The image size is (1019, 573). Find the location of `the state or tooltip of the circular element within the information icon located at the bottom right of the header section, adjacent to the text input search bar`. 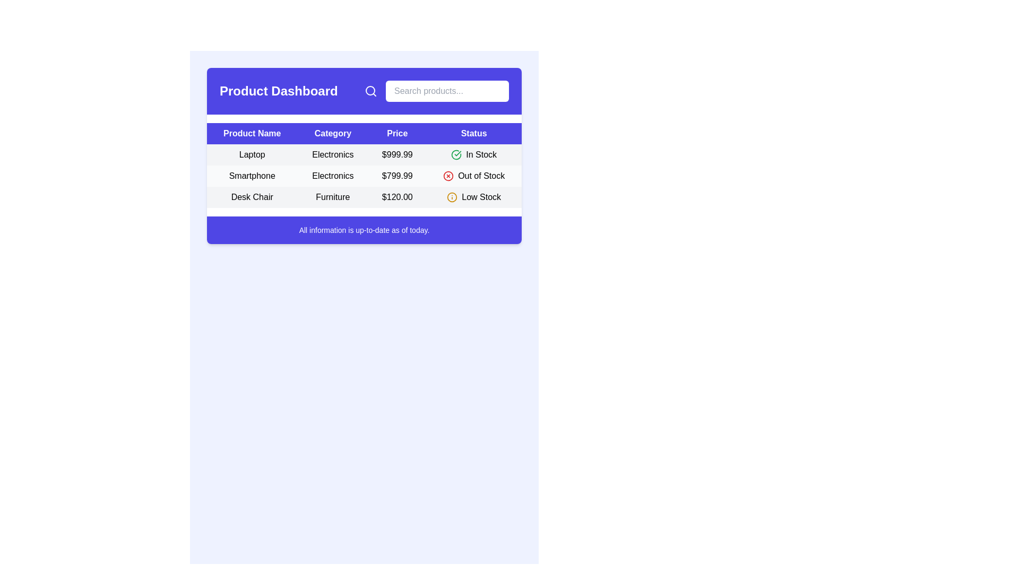

the state or tooltip of the circular element within the information icon located at the bottom right of the header section, adjacent to the text input search bar is located at coordinates (452, 197).